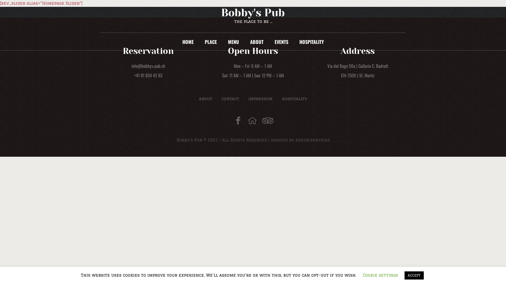 The image size is (506, 284). I want to click on 'Bobby's Pub, so click(221, 16).